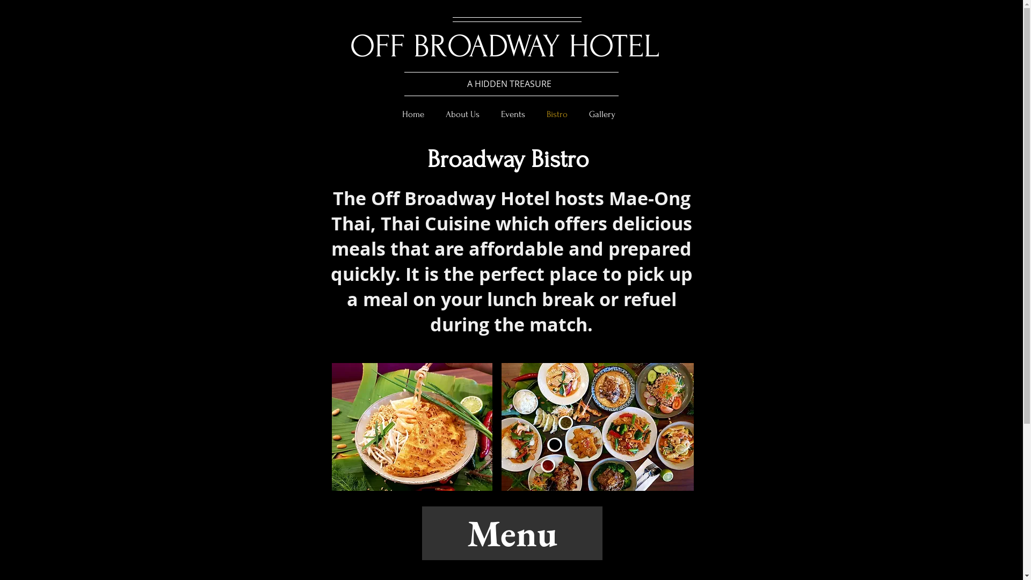 The image size is (1031, 580). What do you see at coordinates (512, 114) in the screenshot?
I see `'Events'` at bounding box center [512, 114].